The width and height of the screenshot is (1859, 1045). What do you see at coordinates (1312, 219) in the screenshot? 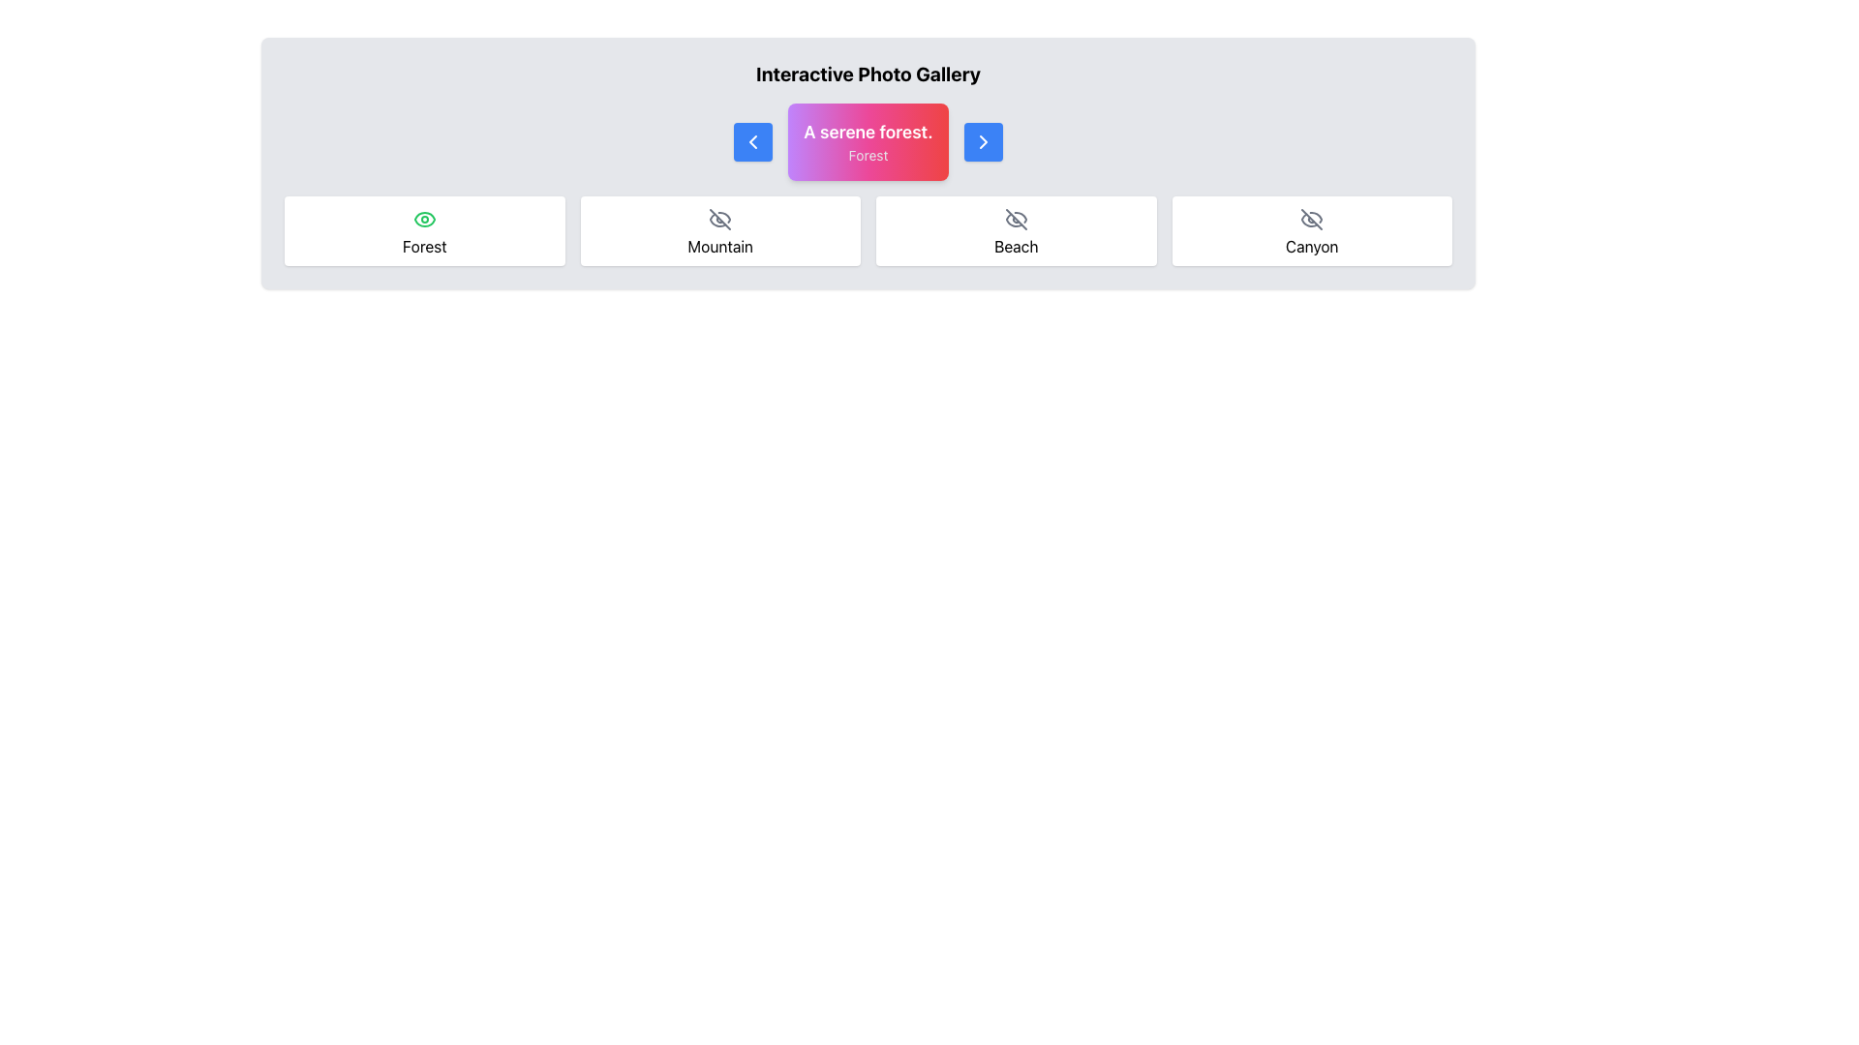
I see `the visibility toggle button for the 'Canyon' section using keyboard navigation` at bounding box center [1312, 219].